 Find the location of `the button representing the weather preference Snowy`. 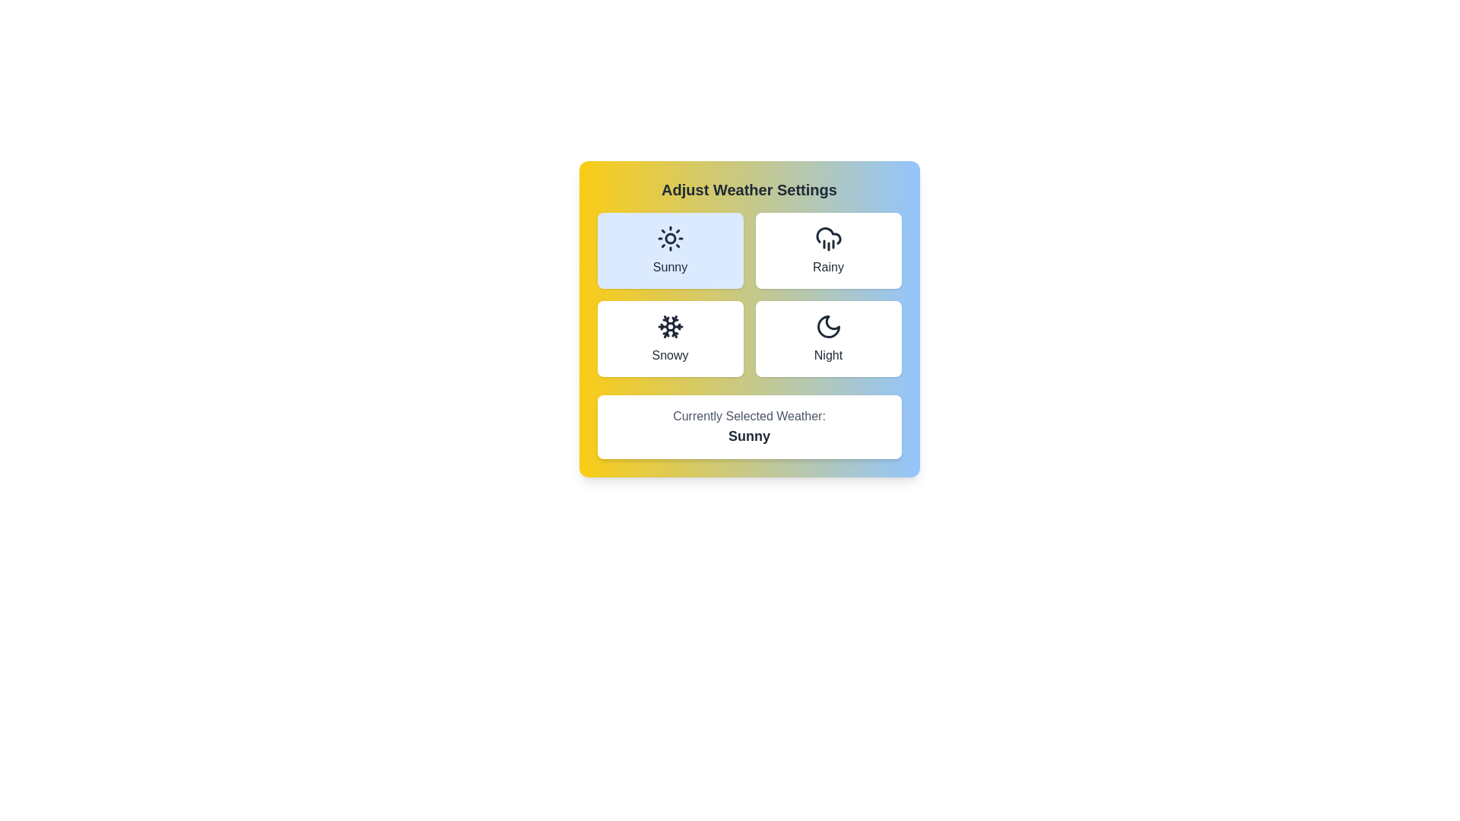

the button representing the weather preference Snowy is located at coordinates (669, 338).